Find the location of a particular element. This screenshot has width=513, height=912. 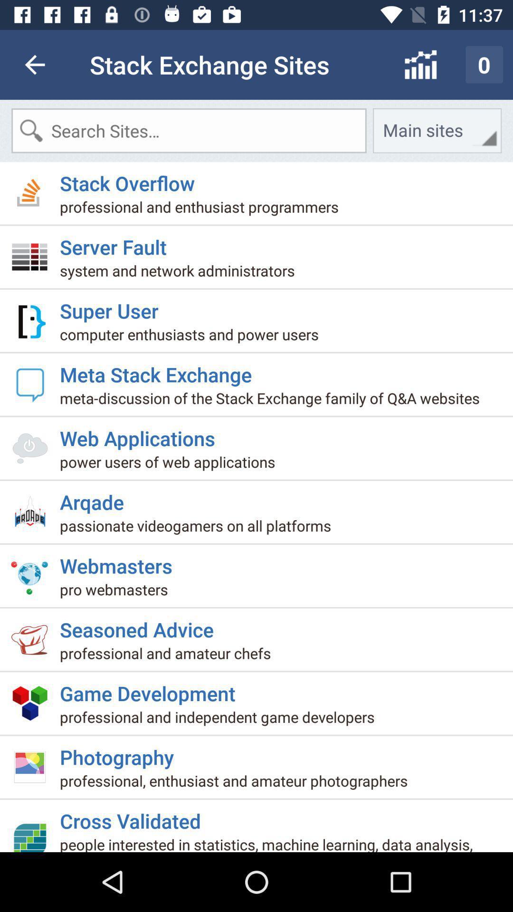

item above the professional enthusiast and icon is located at coordinates (120, 752).